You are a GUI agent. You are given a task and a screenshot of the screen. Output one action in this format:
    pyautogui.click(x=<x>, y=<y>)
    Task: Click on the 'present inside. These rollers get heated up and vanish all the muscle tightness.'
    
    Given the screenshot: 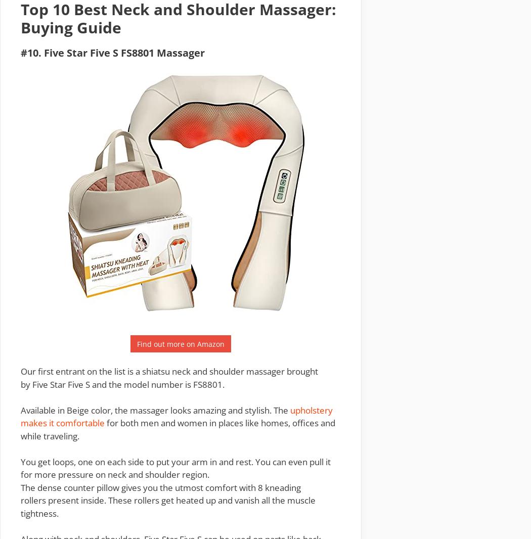 What is the action you would take?
    pyautogui.click(x=20, y=507)
    